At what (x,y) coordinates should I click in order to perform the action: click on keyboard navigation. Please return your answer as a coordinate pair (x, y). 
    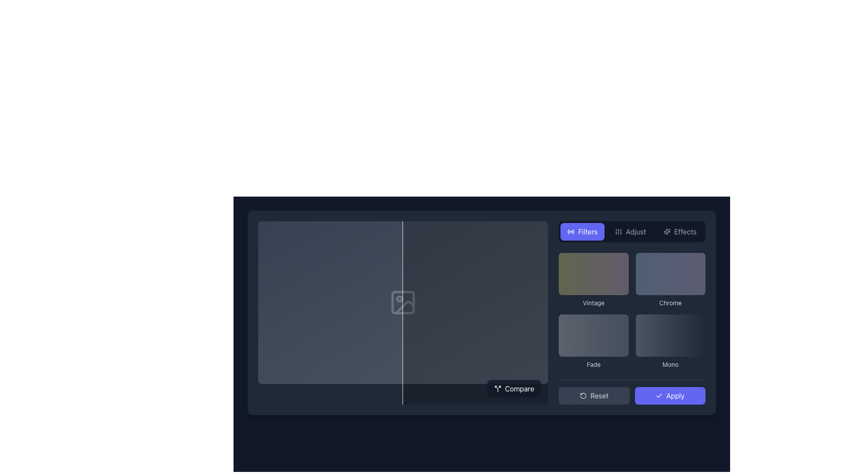
    Looking at the image, I should click on (685, 231).